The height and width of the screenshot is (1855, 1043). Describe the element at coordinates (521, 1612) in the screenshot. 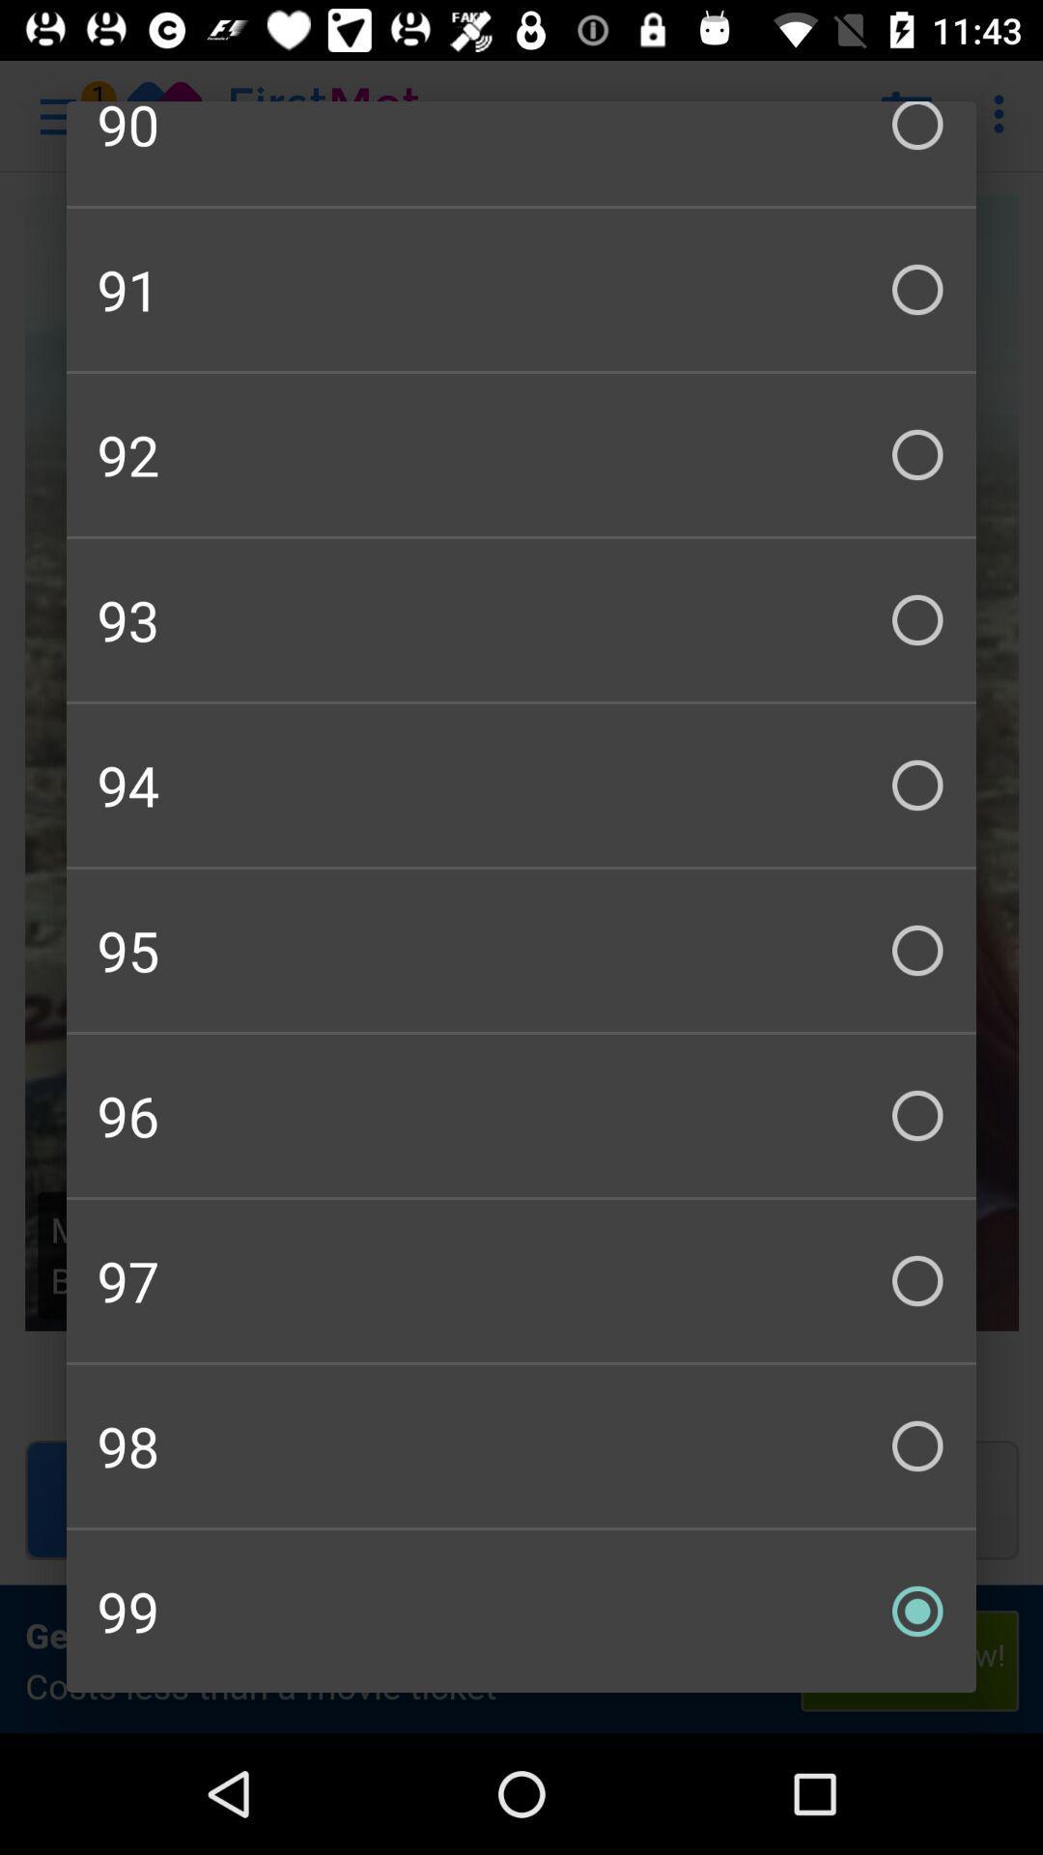

I see `checkbox below 98 checkbox` at that location.